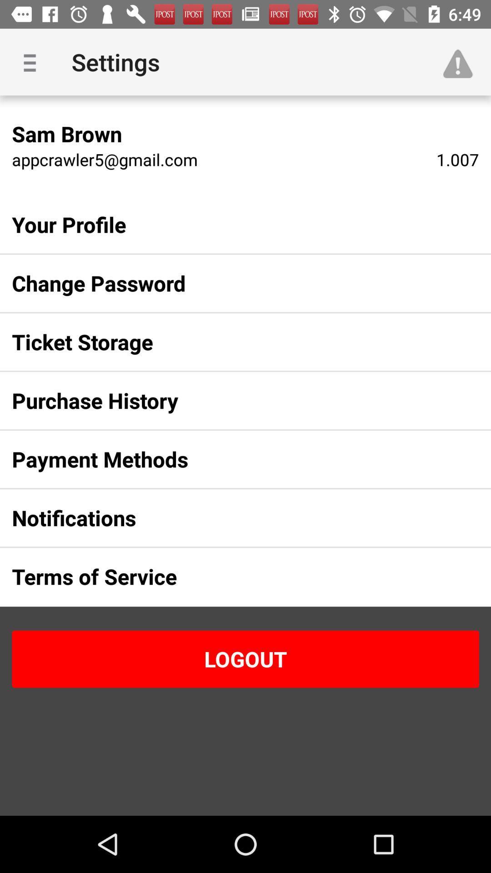 The image size is (491, 873). I want to click on icon next to the appcrawler5@gmail.com, so click(457, 159).